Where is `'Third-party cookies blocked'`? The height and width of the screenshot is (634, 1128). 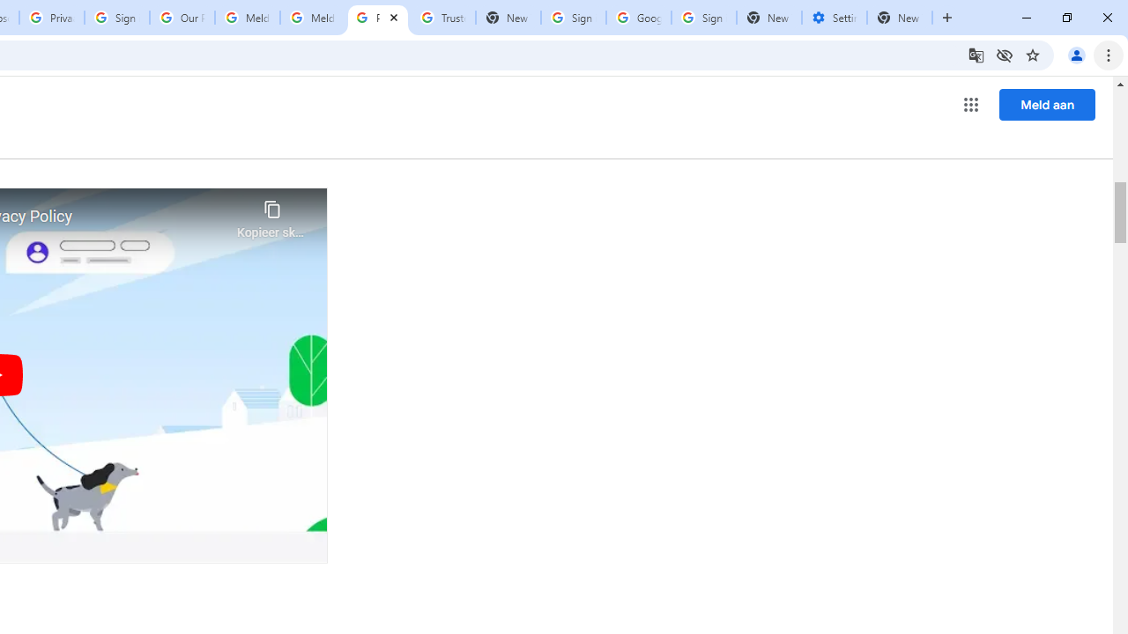
'Third-party cookies blocked' is located at coordinates (1004, 54).